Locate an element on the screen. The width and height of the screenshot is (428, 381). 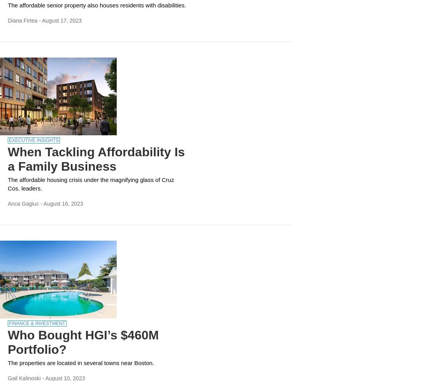
'Anca Gagiuc' is located at coordinates (23, 203).